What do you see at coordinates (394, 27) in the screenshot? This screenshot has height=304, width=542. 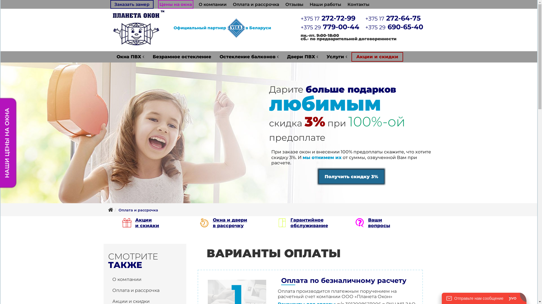 I see `'+375 29 690-65-40'` at bounding box center [394, 27].